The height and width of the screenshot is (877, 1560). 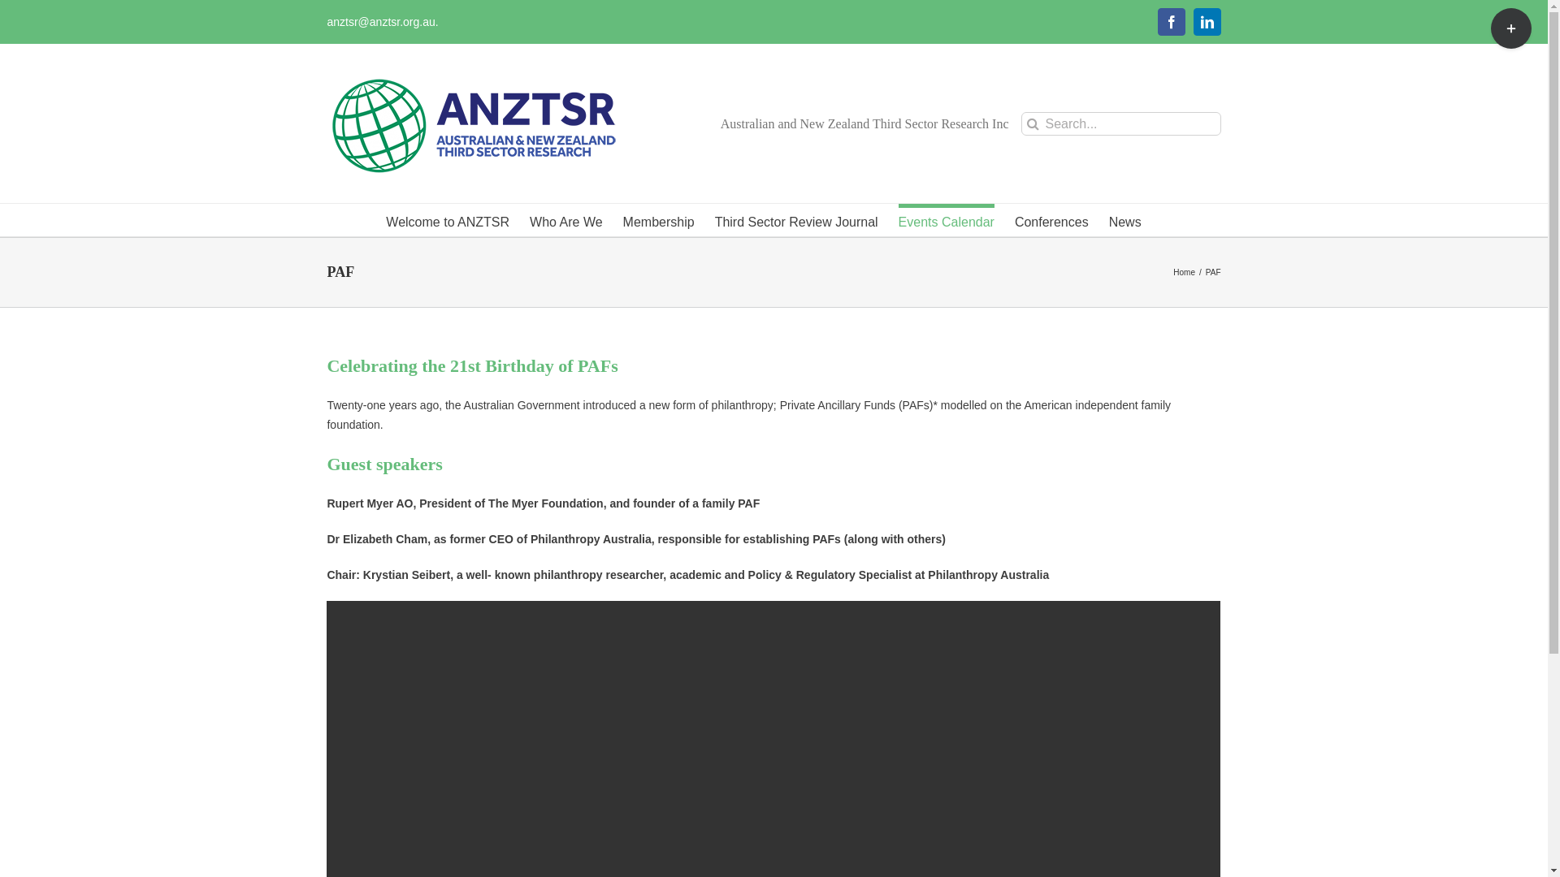 What do you see at coordinates (947, 219) in the screenshot?
I see `'Events Calendar'` at bounding box center [947, 219].